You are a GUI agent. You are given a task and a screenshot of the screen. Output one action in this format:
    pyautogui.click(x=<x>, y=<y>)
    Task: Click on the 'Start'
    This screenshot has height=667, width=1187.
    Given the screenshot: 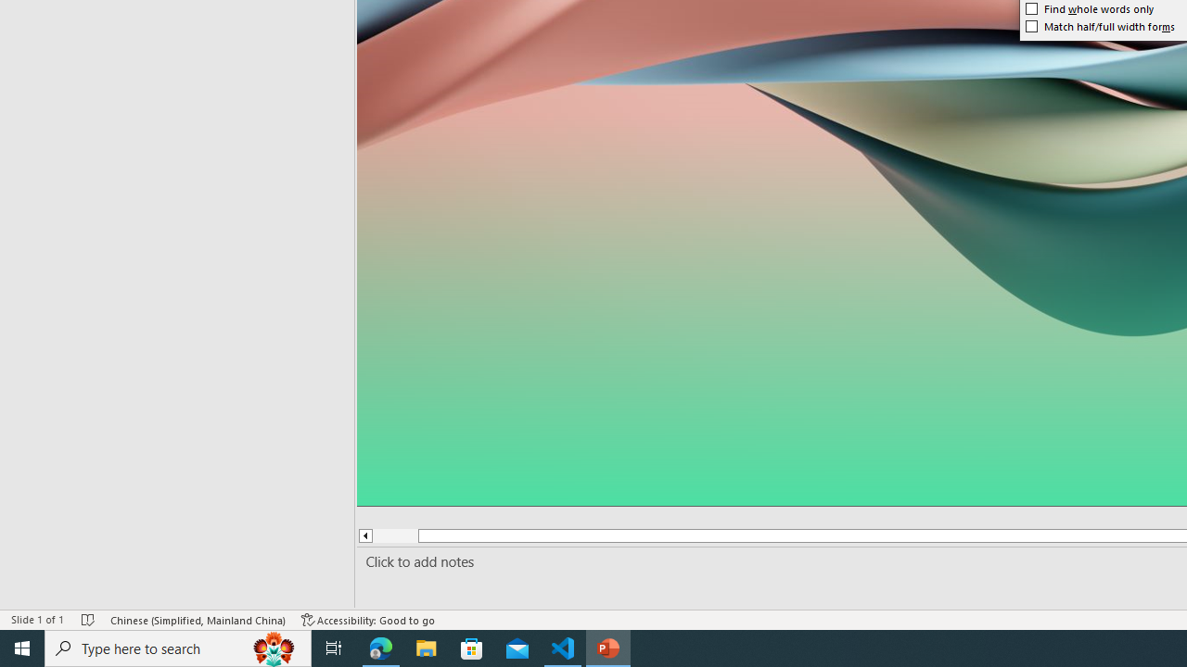 What is the action you would take?
    pyautogui.click(x=22, y=647)
    